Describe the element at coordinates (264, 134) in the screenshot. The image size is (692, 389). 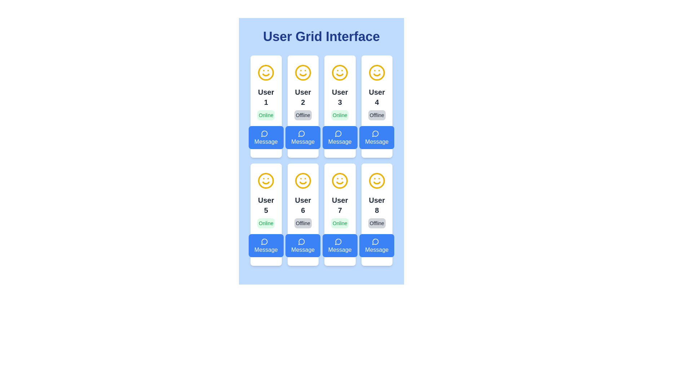
I see `the 'Message' button represented by an icon located in the second row of the grid under the user card labeled 'User 5' to initiate a message` at that location.